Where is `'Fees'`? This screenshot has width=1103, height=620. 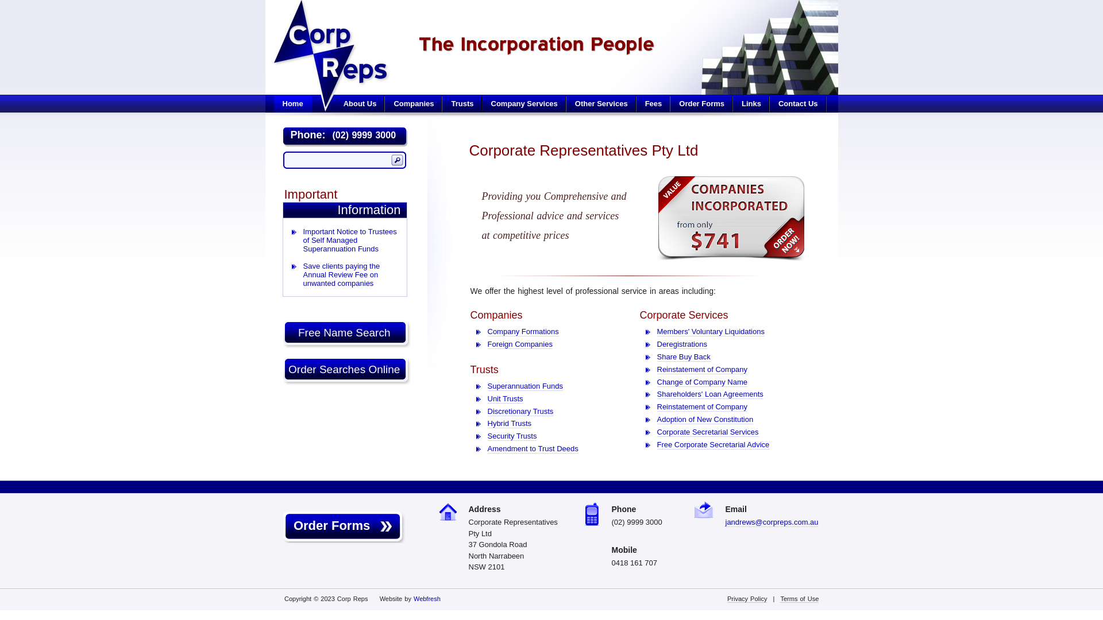 'Fees' is located at coordinates (653, 103).